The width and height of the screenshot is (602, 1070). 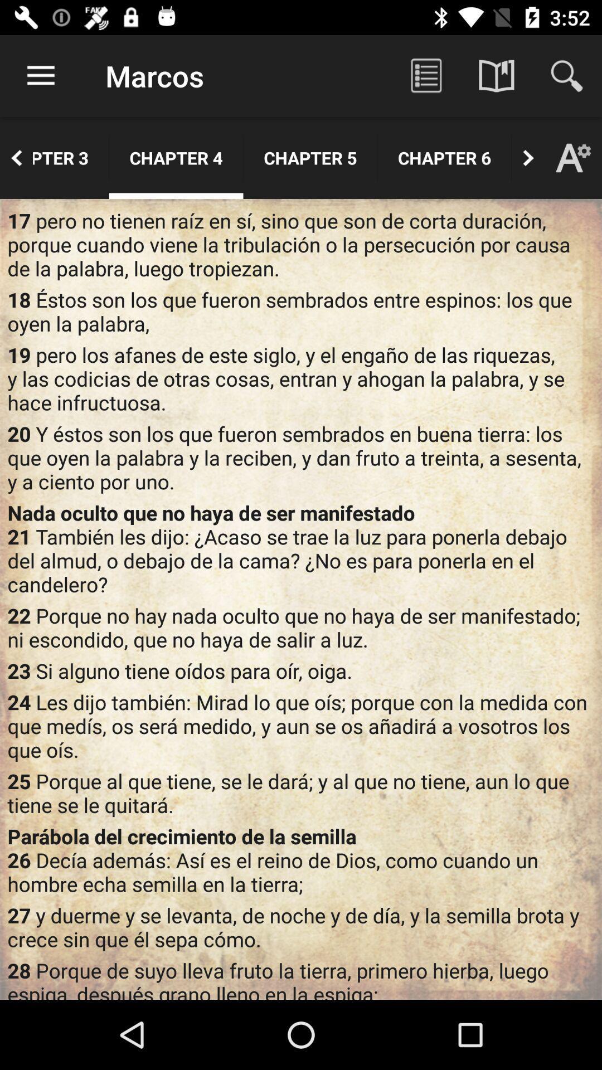 I want to click on app to the right of chapter 4 app, so click(x=310, y=157).